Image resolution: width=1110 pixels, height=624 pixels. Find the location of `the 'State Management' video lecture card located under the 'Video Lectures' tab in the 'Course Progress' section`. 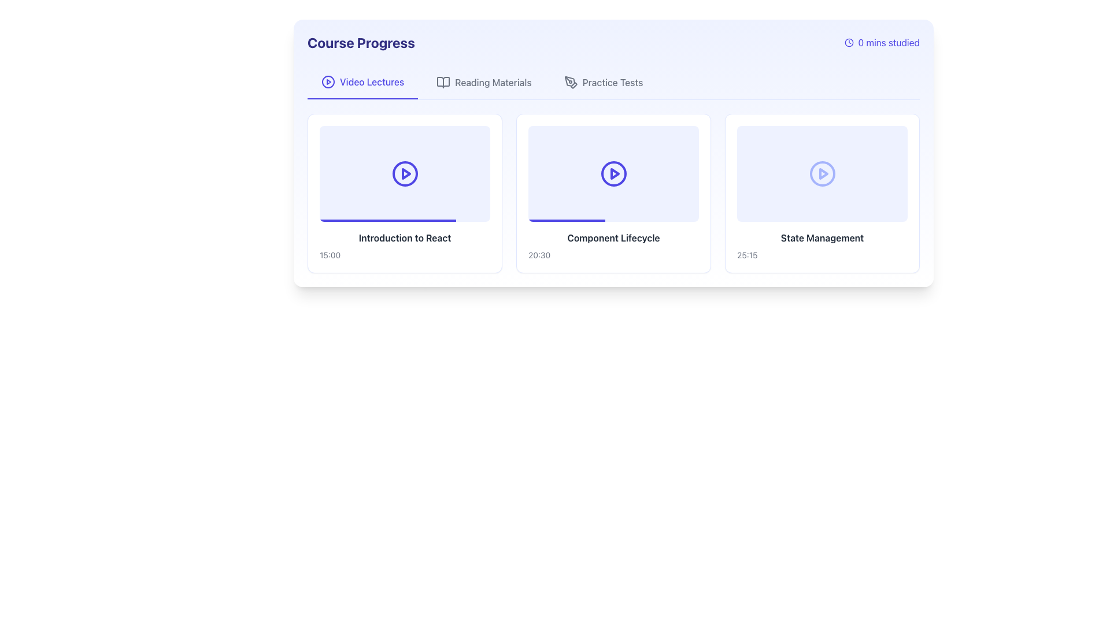

the 'State Management' video lecture card located under the 'Video Lectures' tab in the 'Course Progress' section is located at coordinates (822, 193).